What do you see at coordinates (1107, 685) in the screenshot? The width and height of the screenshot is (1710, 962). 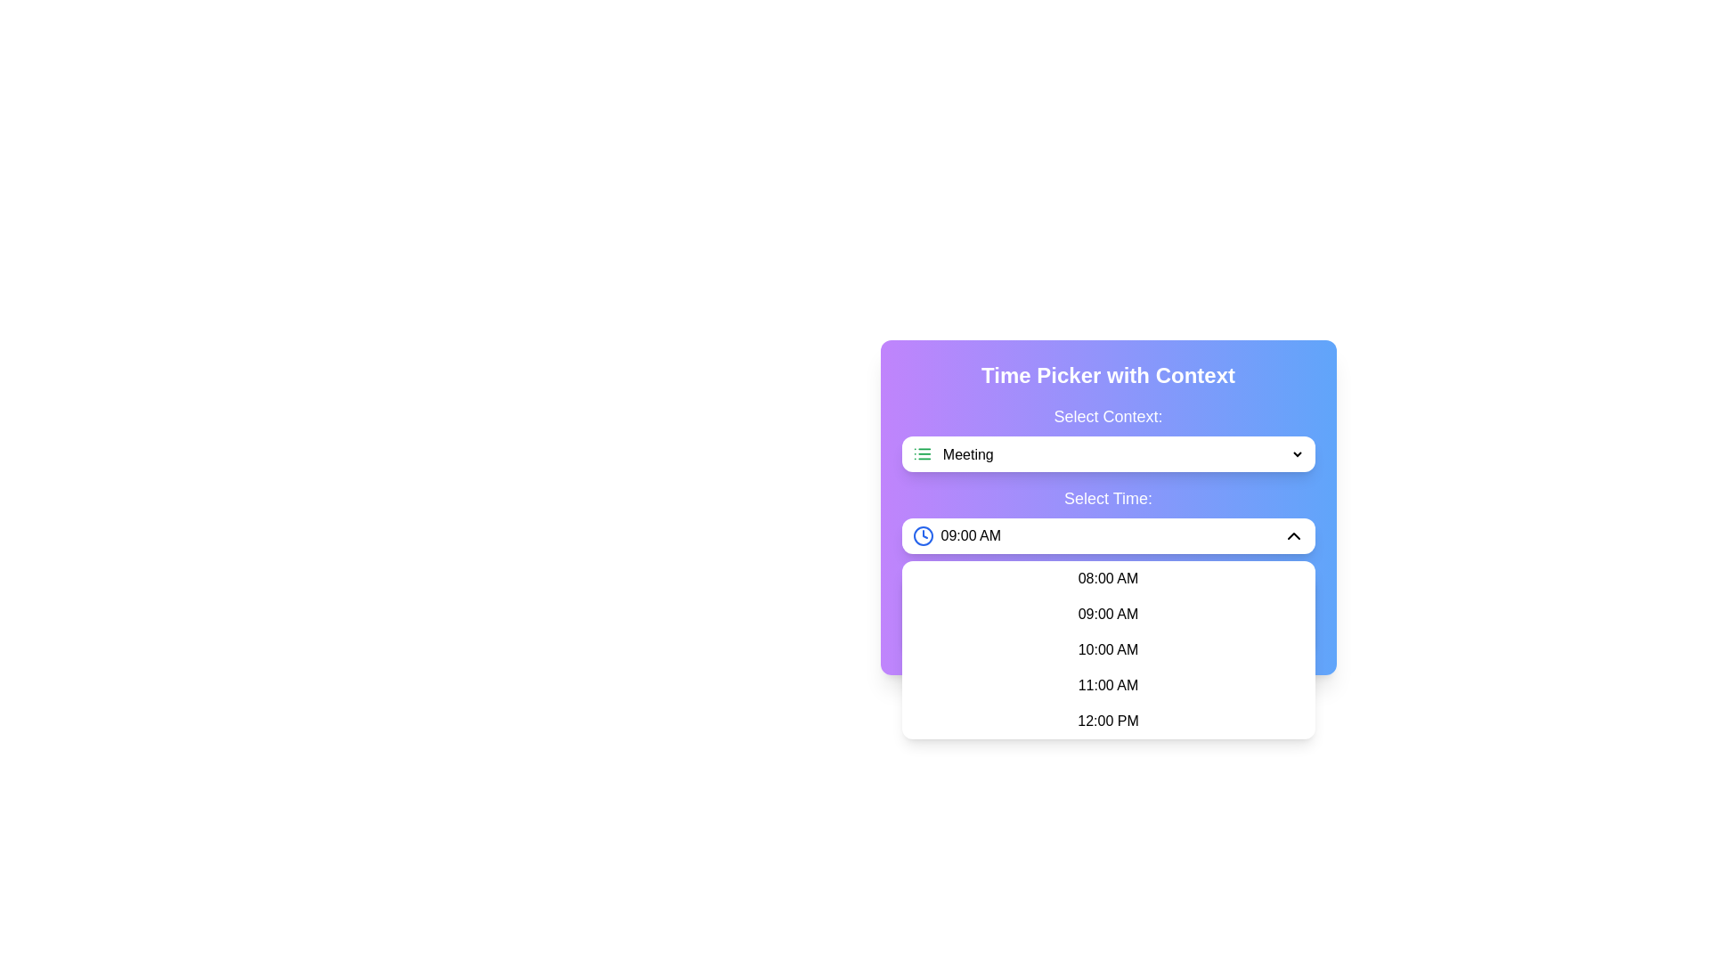 I see `the selectable list item displaying '11:00 AM' to trigger the visual change` at bounding box center [1107, 685].